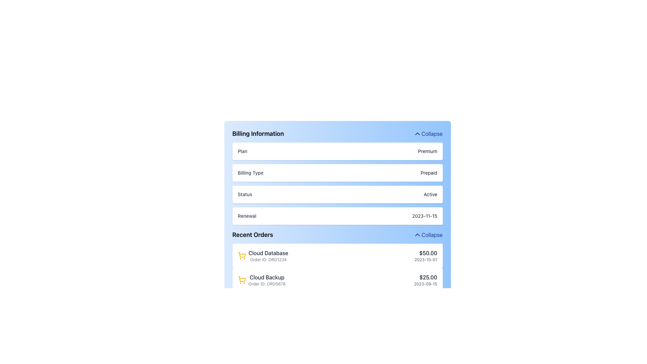  I want to click on the yellow shopping cart icon located in the bottom section of the page under the 'Recent Orders' header, which is horizontally aligned to the left of the first order entry, so click(242, 279).